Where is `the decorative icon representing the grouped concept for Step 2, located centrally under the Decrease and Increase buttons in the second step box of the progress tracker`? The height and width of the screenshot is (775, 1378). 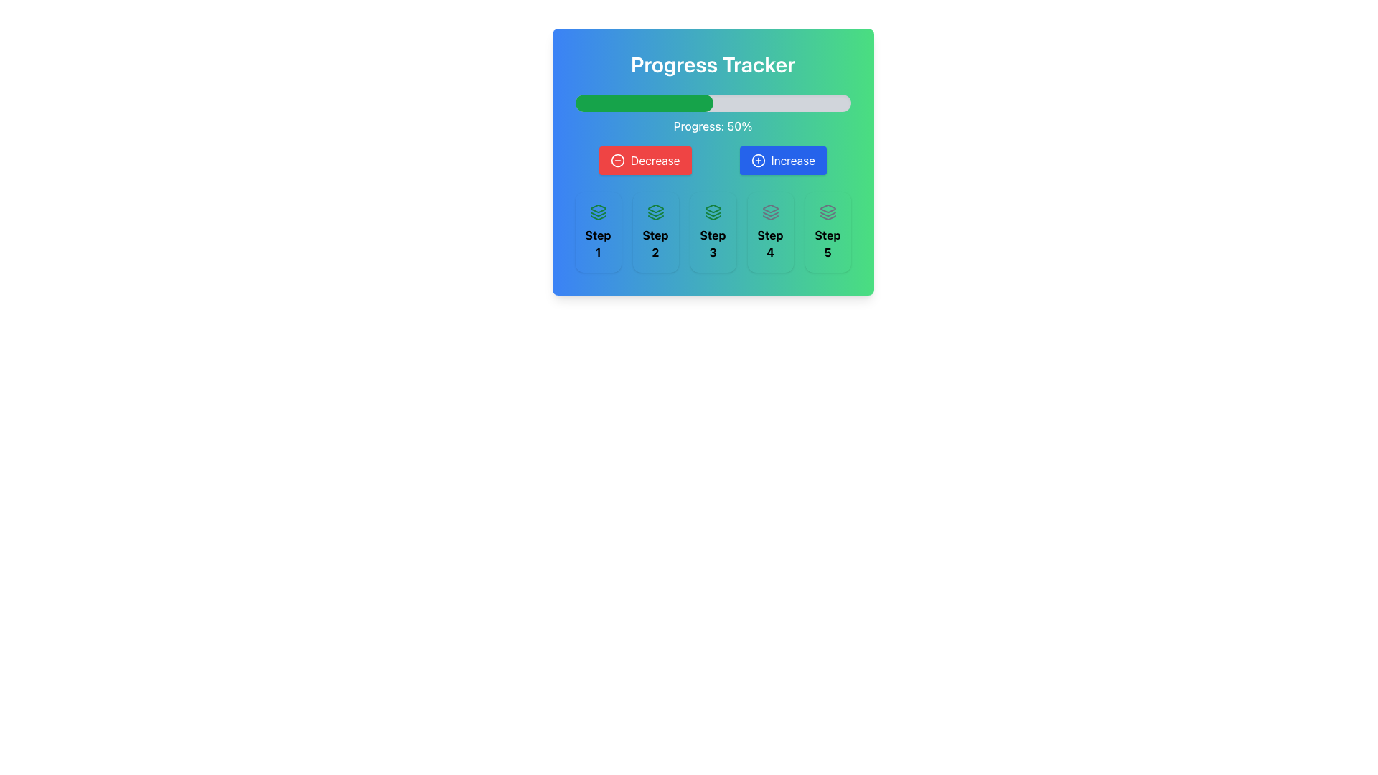 the decorative icon representing the grouped concept for Step 2, located centrally under the Decrease and Increase buttons in the second step box of the progress tracker is located at coordinates (655, 208).